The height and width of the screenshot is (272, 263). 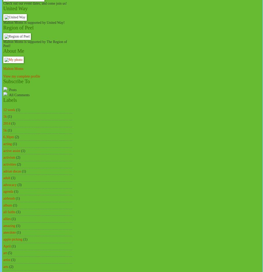 I want to click on '12 week', so click(x=9, y=110).